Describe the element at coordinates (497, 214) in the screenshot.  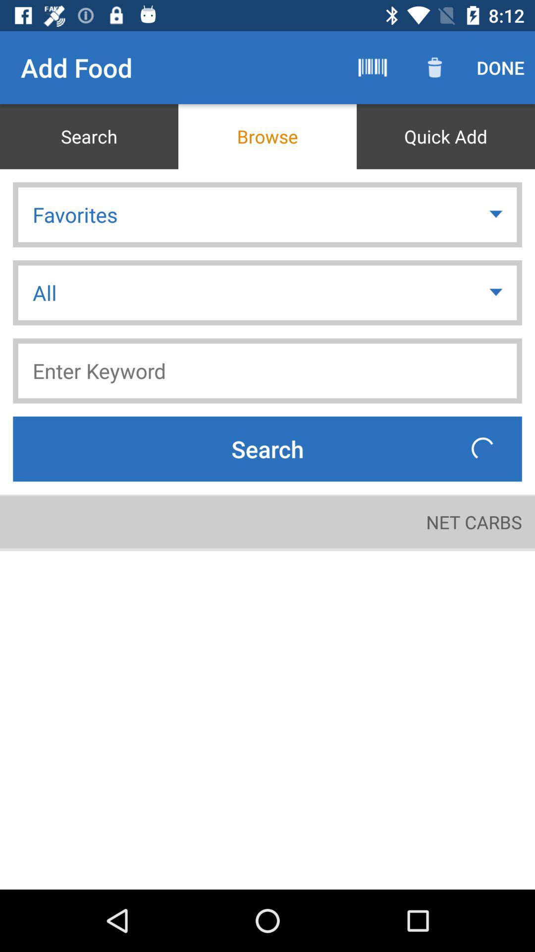
I see `icon below the quick add item` at that location.